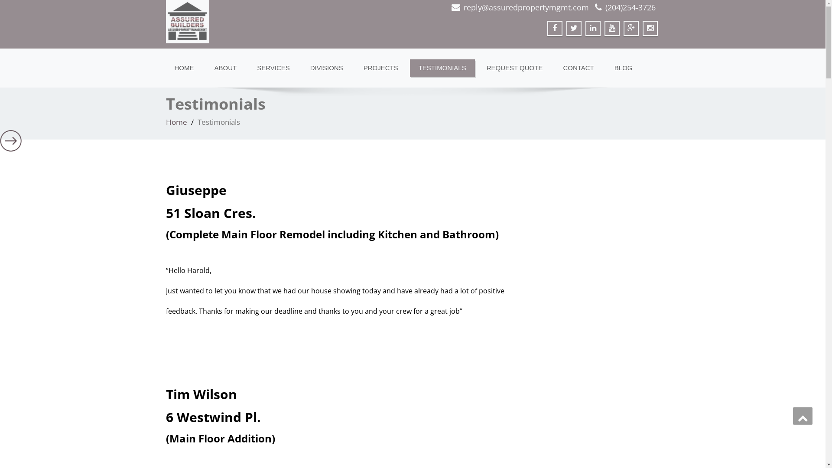  I want to click on 'REQUEST QUOTE', so click(514, 68).